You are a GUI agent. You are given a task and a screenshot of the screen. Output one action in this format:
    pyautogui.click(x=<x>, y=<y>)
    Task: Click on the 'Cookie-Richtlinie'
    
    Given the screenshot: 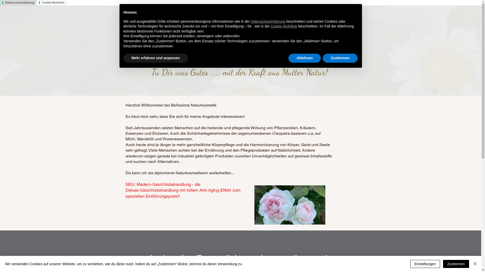 What is the action you would take?
    pyautogui.click(x=52, y=3)
    